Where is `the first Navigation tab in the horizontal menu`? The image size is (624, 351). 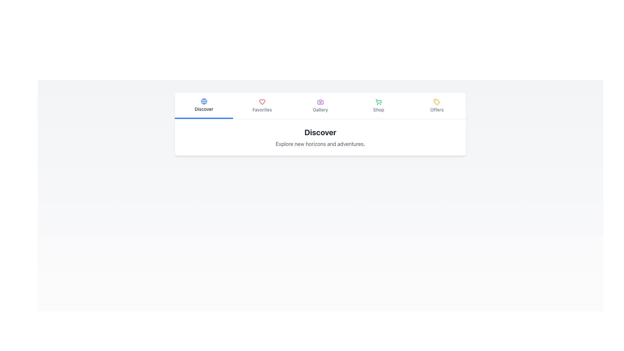 the first Navigation tab in the horizontal menu is located at coordinates (203, 105).